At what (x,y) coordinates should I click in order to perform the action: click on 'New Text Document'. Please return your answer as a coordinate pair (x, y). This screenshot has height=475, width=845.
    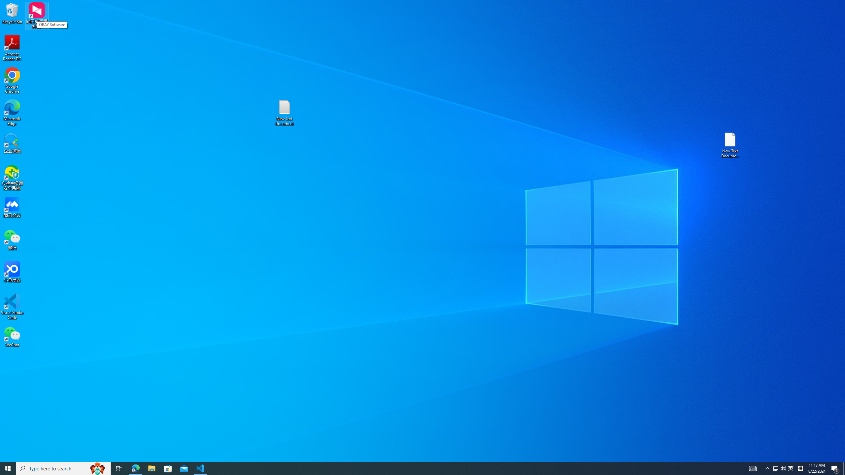
    Looking at the image, I should click on (284, 112).